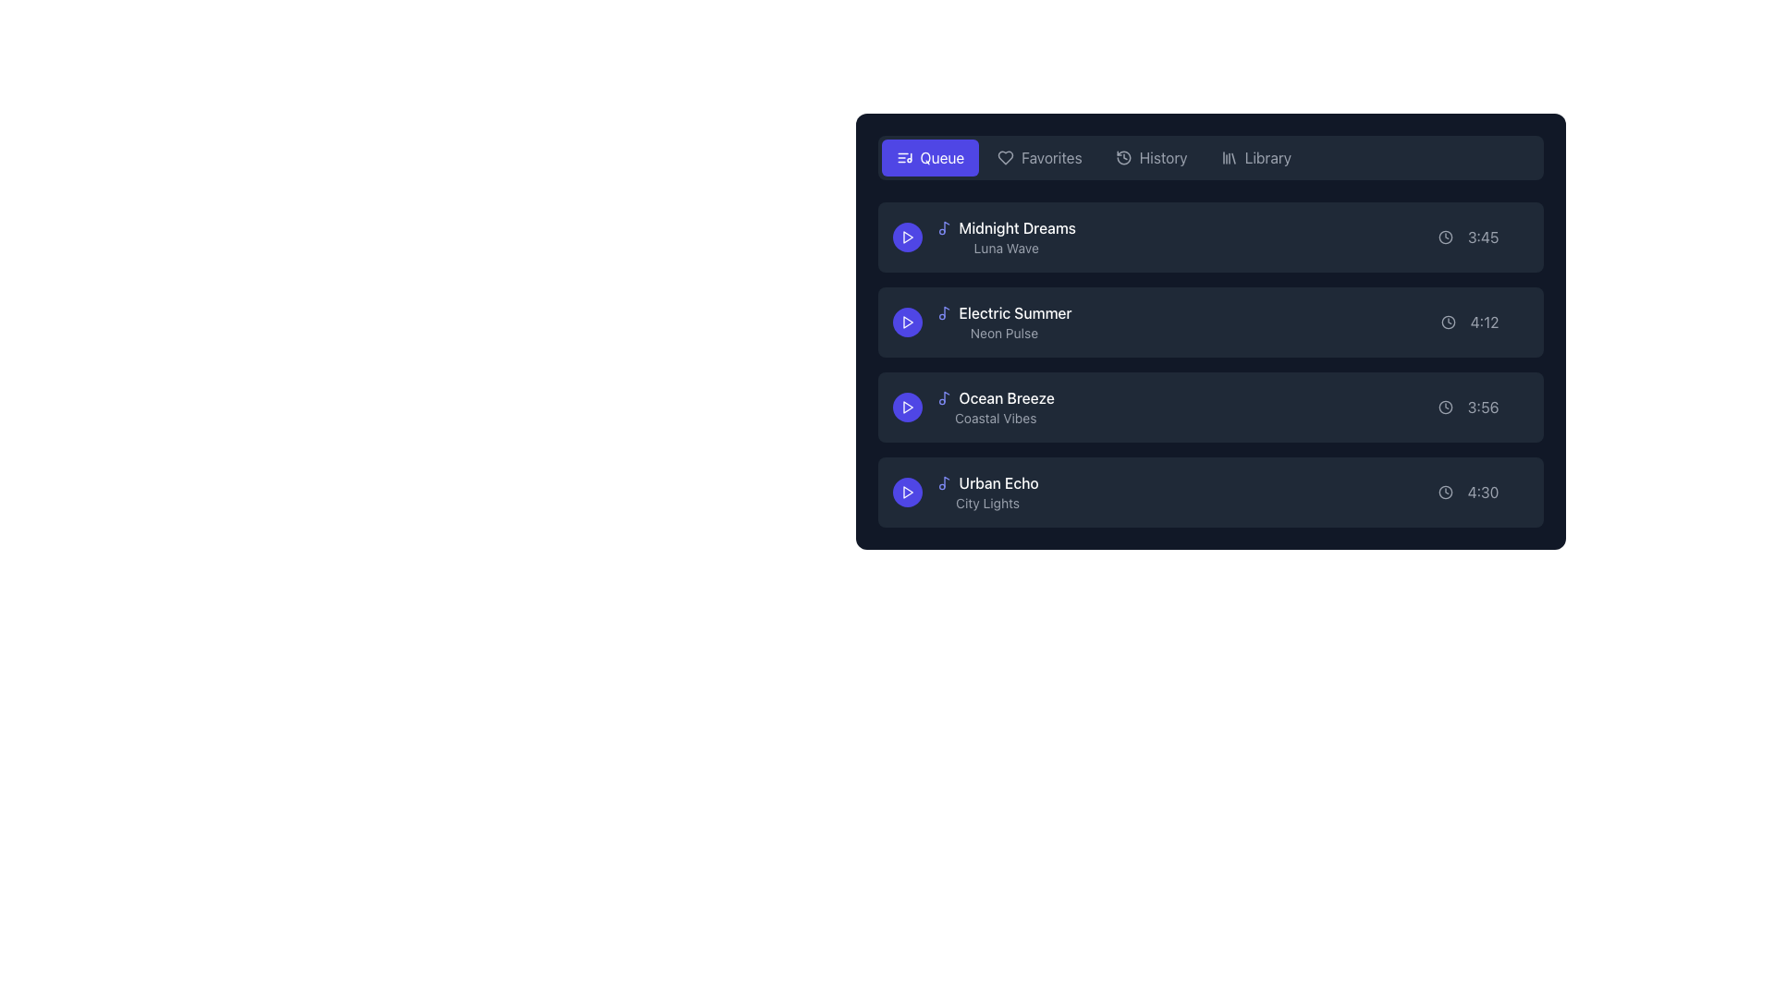 The width and height of the screenshot is (1775, 998). I want to click on the 'Favorites' text label in the navigation bar, so click(1051, 156).